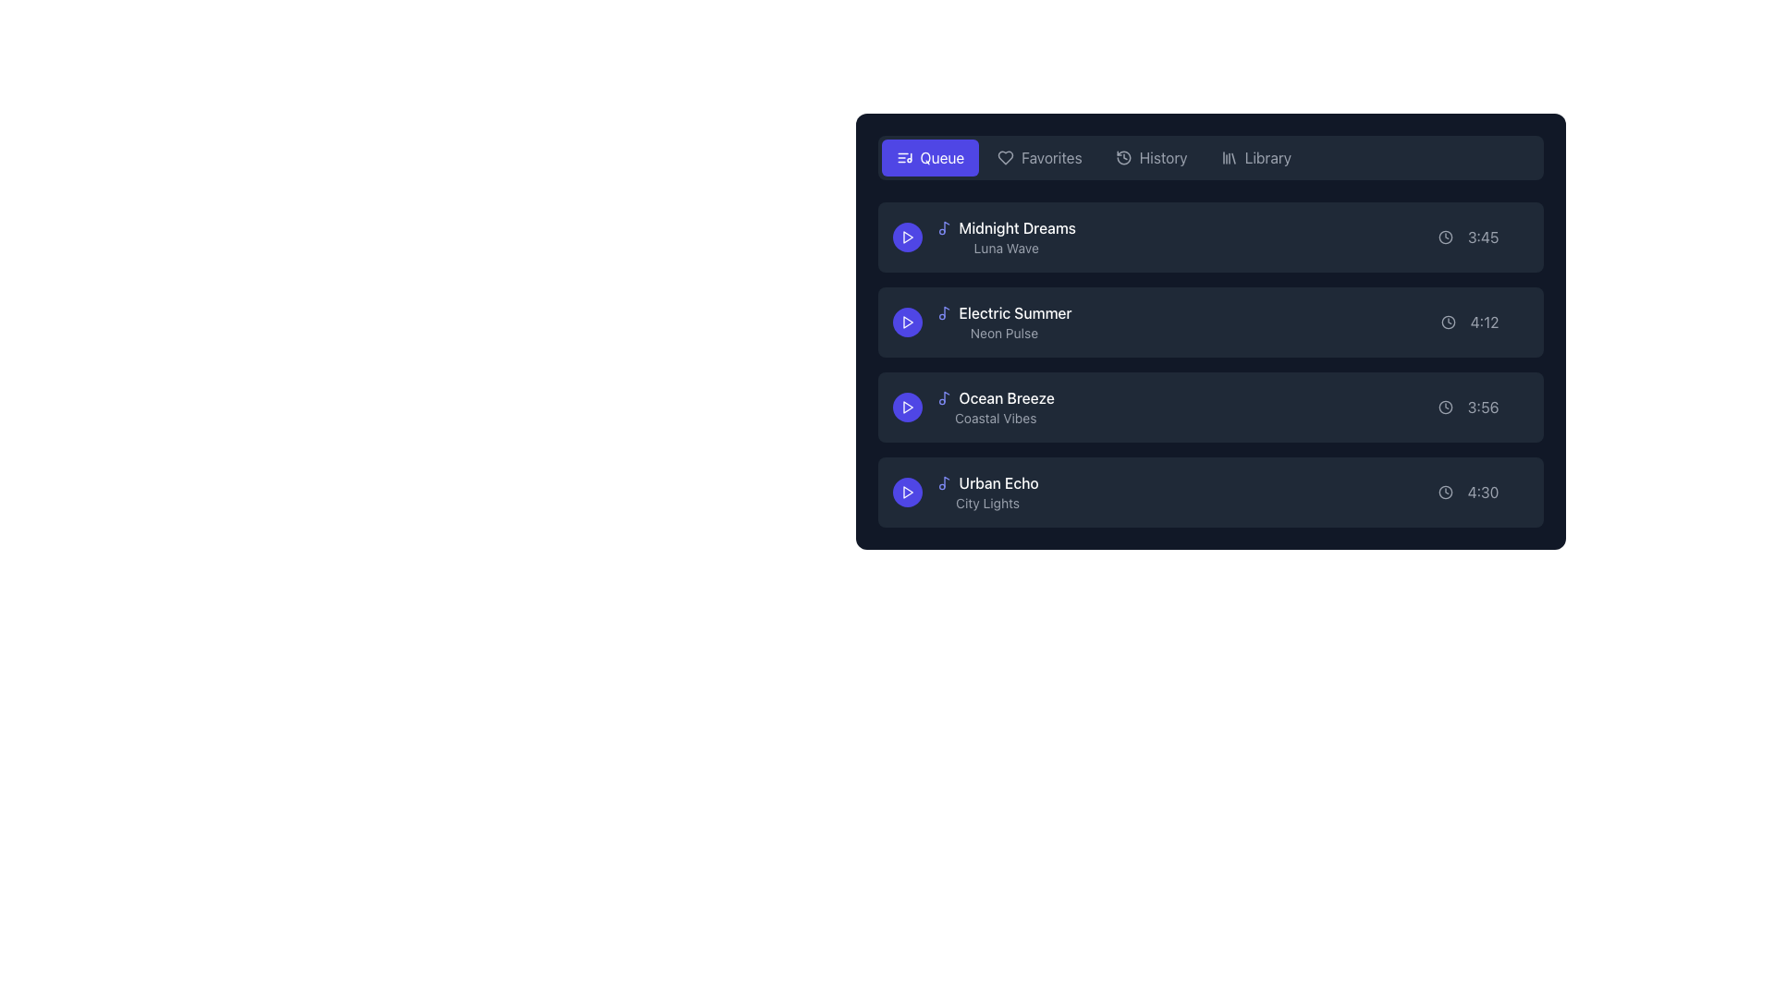 The width and height of the screenshot is (1775, 998). I want to click on the 'Favorites' text label in the navigation bar, so click(1051, 156).